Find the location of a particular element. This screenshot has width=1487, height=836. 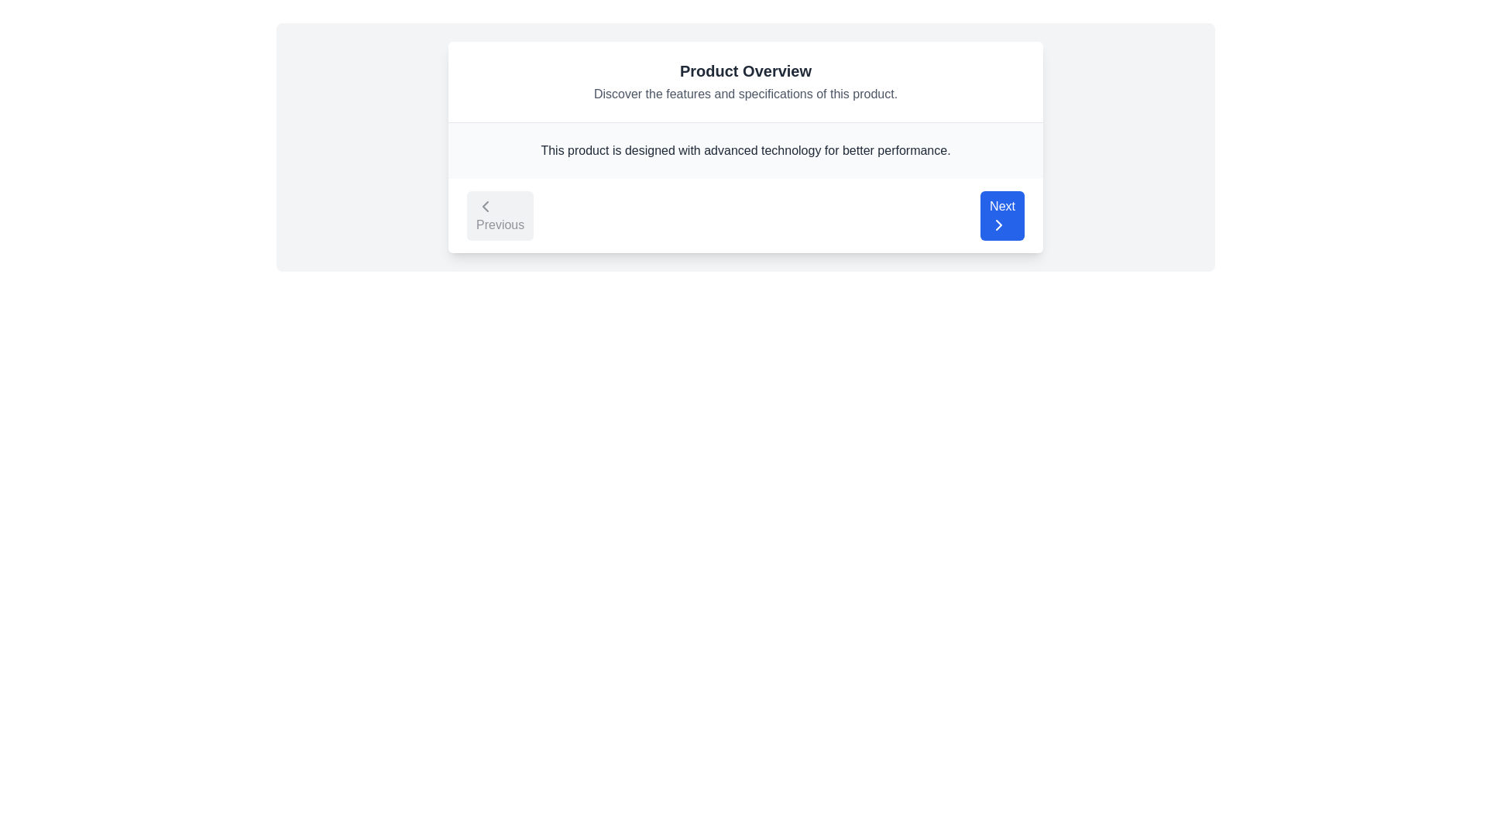

the static text block that provides information about the product's features and technology, located below the 'Product Overview' header is located at coordinates (746, 151).